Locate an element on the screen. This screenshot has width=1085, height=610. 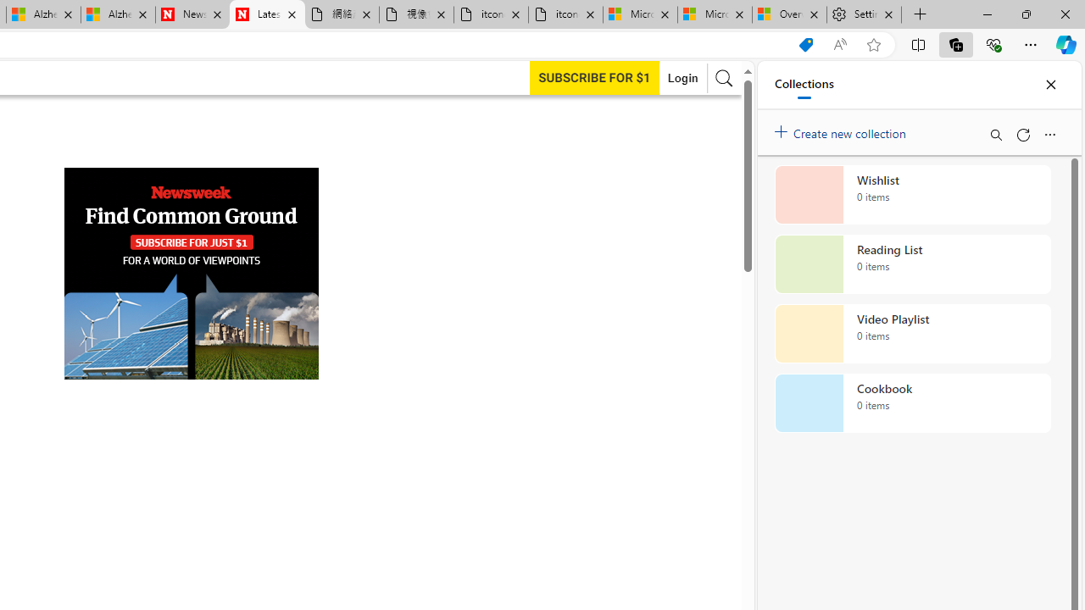
'itconcepthk.com/projector_solutions.mp4' is located at coordinates (565, 14).